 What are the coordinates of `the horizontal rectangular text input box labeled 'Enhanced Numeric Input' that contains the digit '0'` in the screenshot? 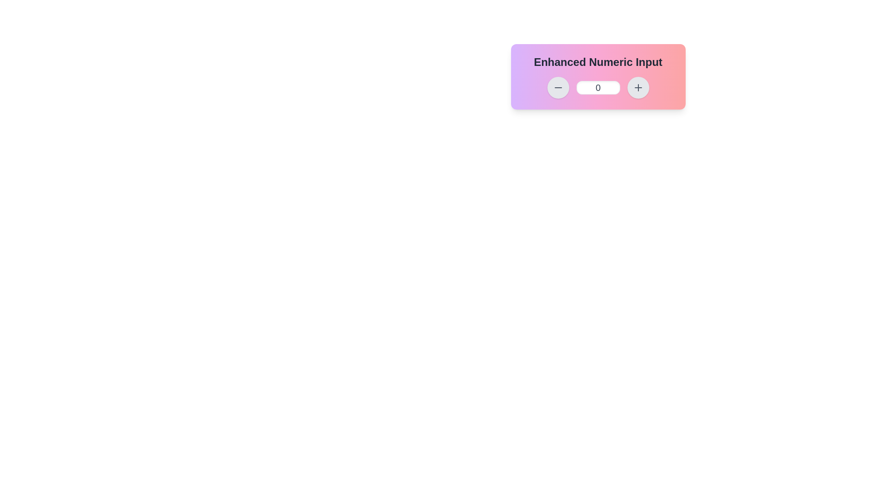 It's located at (598, 87).